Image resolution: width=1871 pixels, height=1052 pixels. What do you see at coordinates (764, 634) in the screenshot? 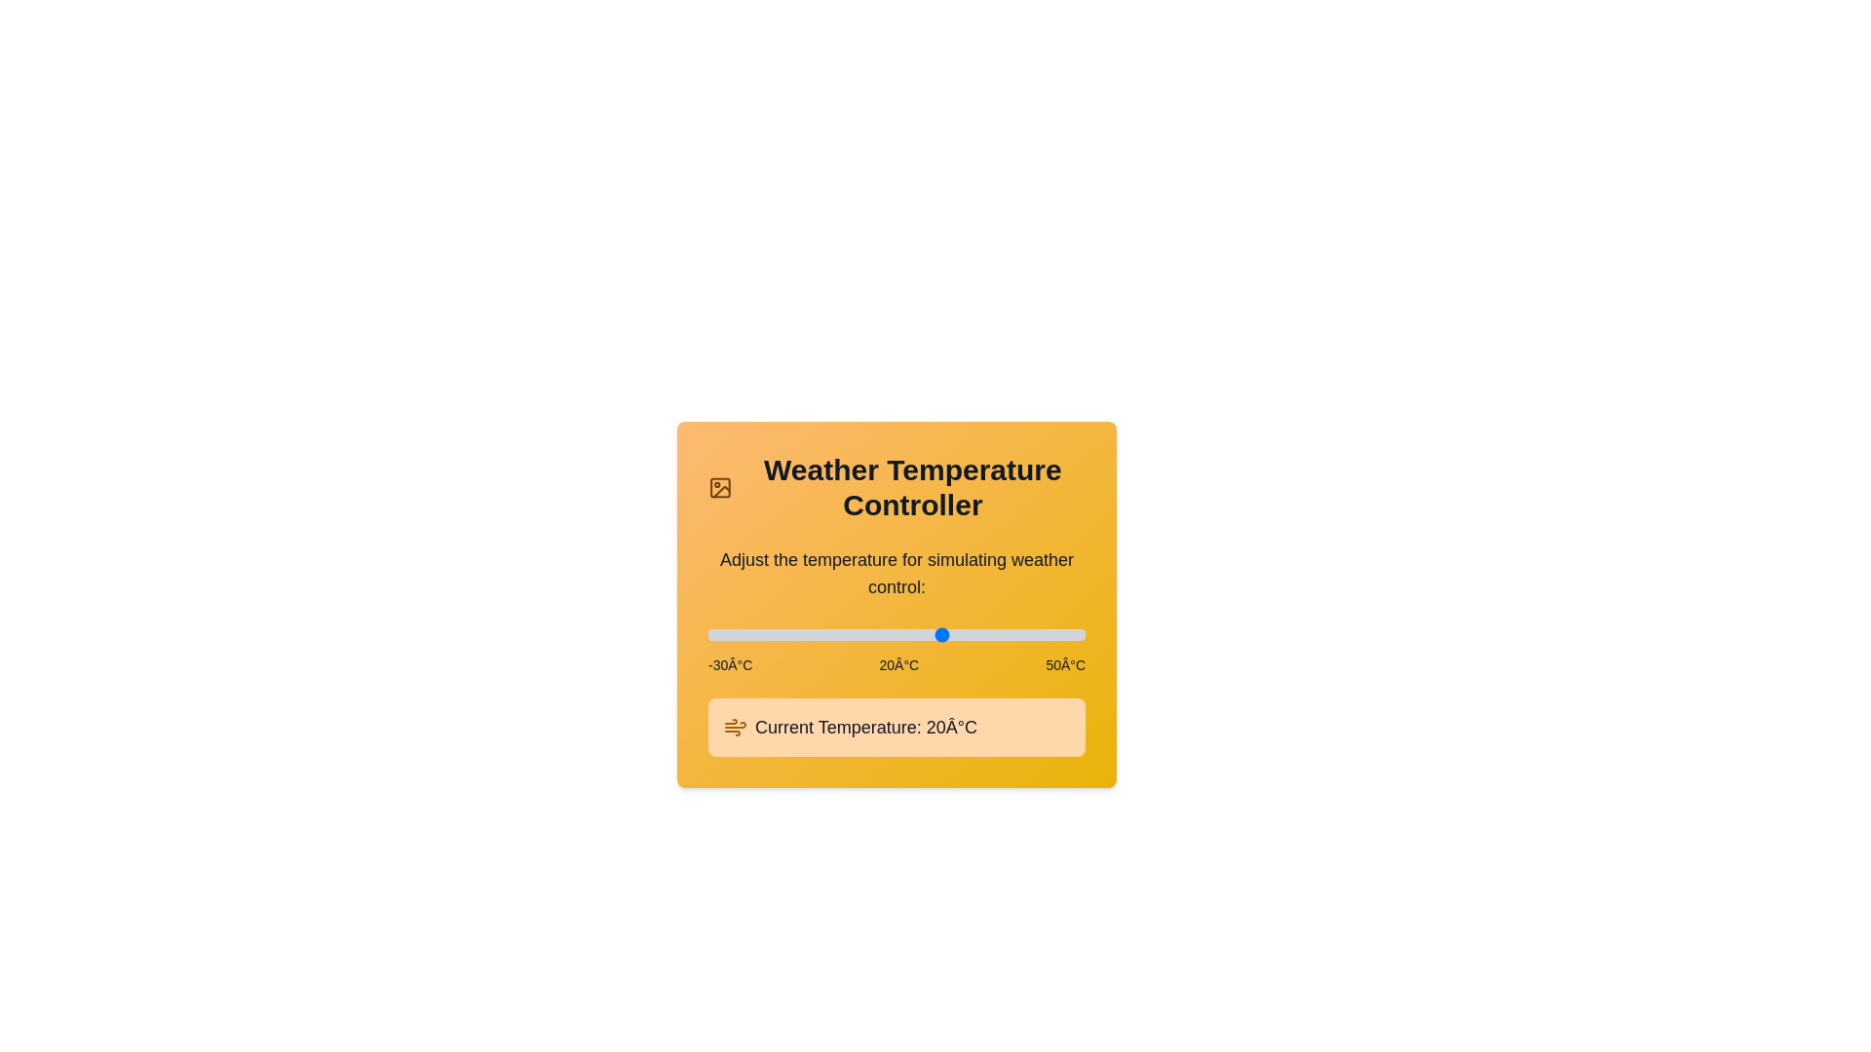
I see `the temperature slider to set the temperature to -18°C` at bounding box center [764, 634].